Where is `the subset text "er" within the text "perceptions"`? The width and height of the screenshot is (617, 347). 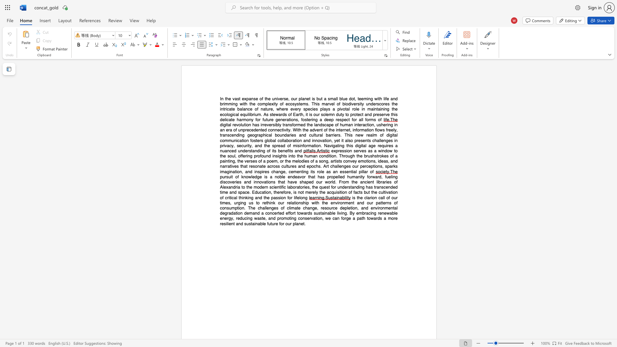 the subset text "er" within the text "perceptions" is located at coordinates (362, 166).